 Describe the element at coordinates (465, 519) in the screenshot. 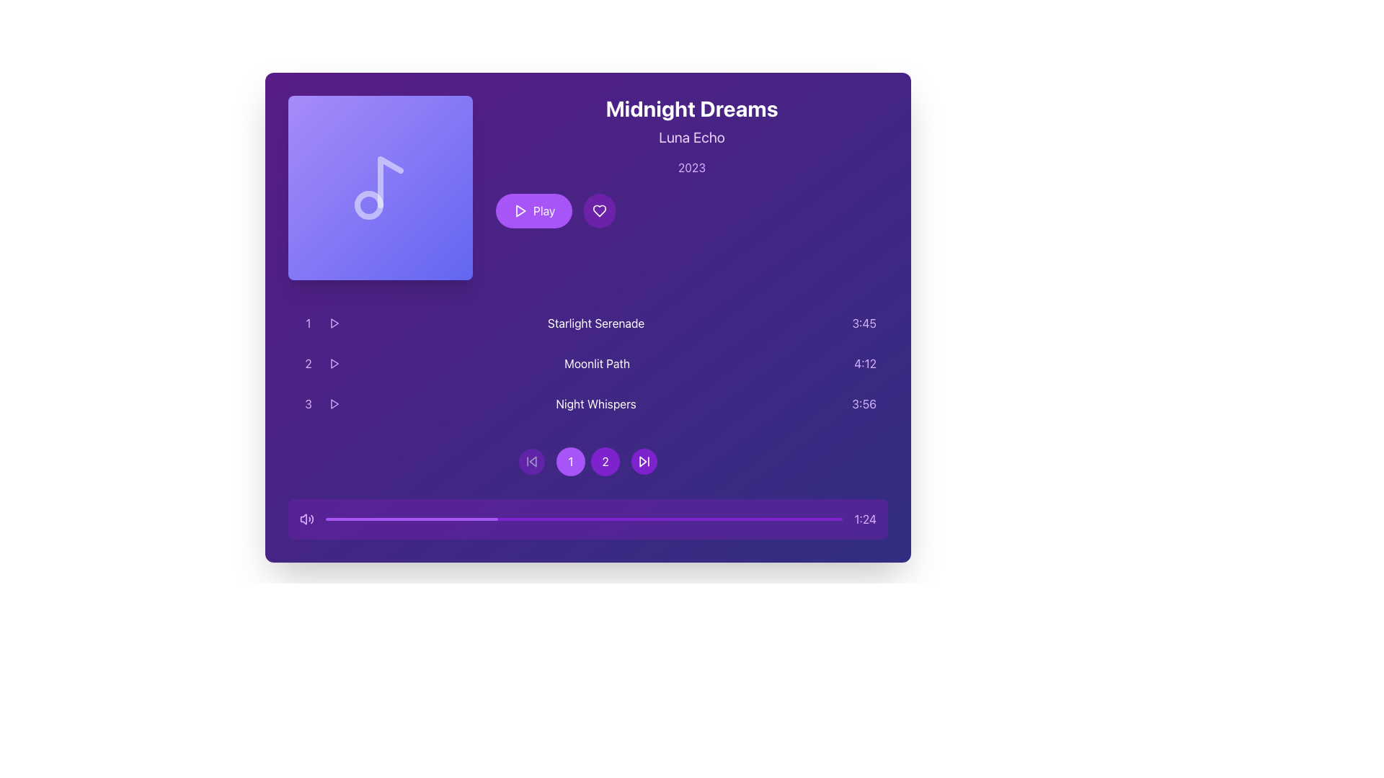

I see `the progress` at that location.